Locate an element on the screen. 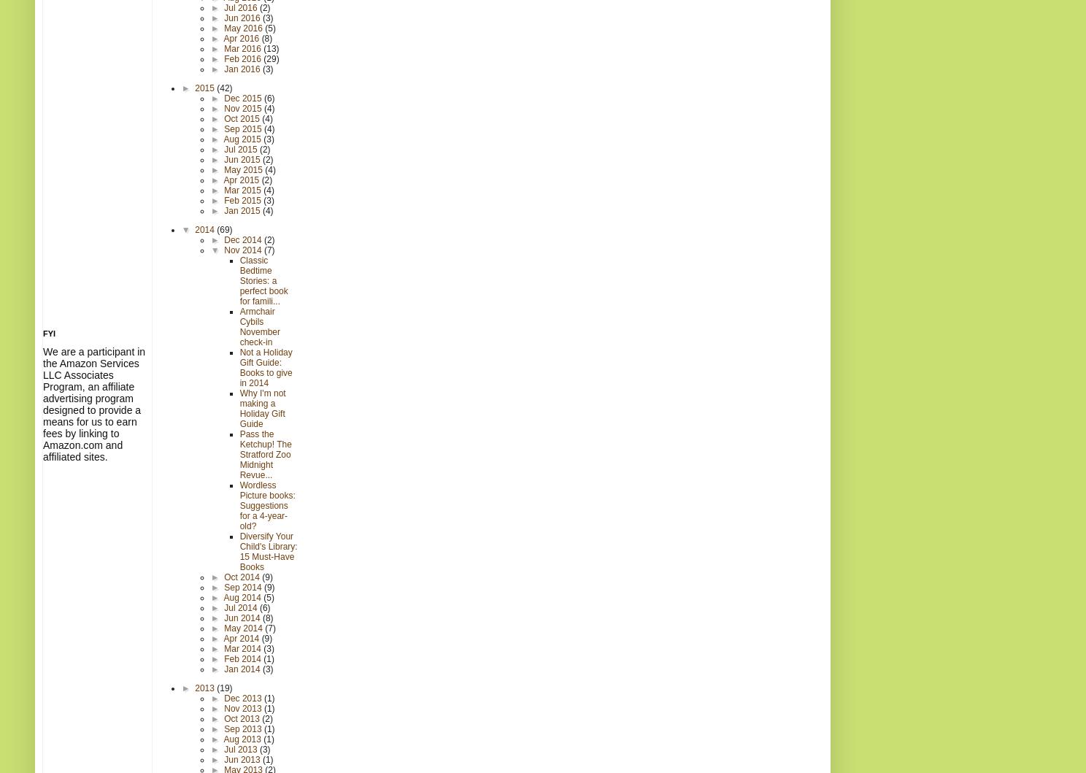 The height and width of the screenshot is (773, 1086). 'May 2014' is located at coordinates (244, 628).